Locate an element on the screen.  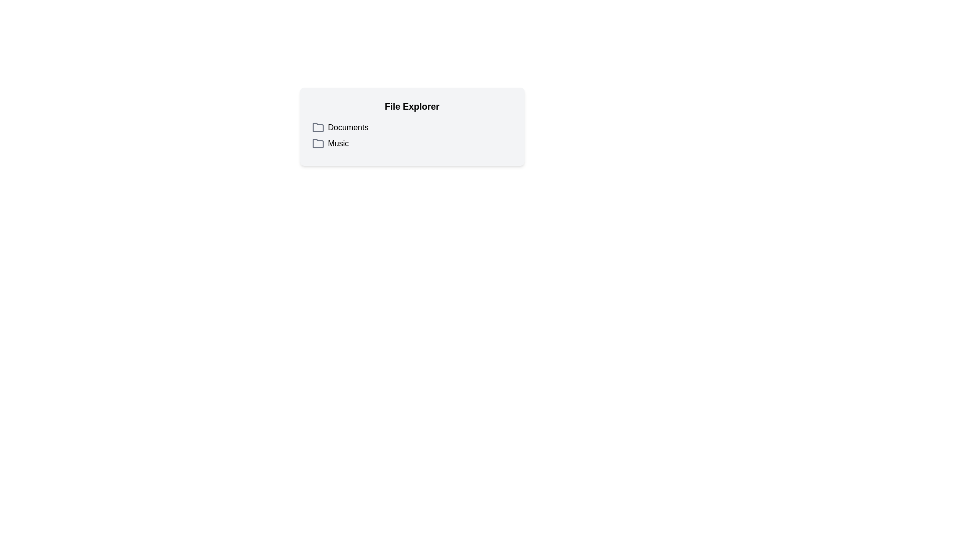
the folder icon with a gray outline next to the 'Music' text in the 'File Explorer' interface is located at coordinates (317, 143).